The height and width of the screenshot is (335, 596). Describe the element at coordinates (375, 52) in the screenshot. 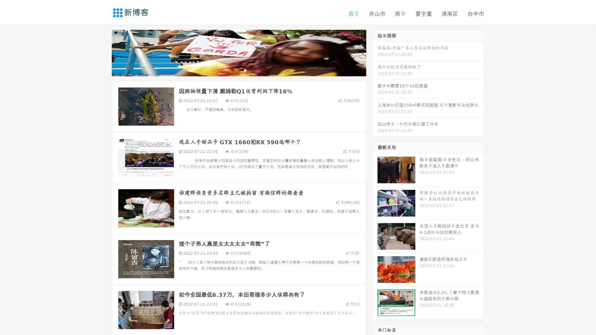

I see `Next slide` at that location.